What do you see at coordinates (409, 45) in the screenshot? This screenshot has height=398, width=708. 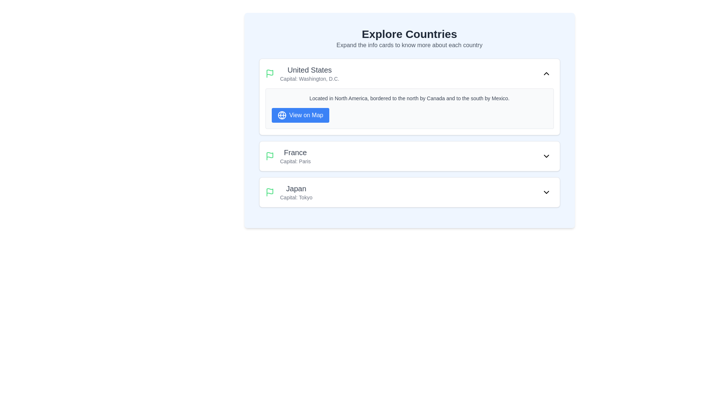 I see `the text label that reads 'Expand the info cards to know more about each country.' which is located directly beneath the 'Explore Countries' heading` at bounding box center [409, 45].